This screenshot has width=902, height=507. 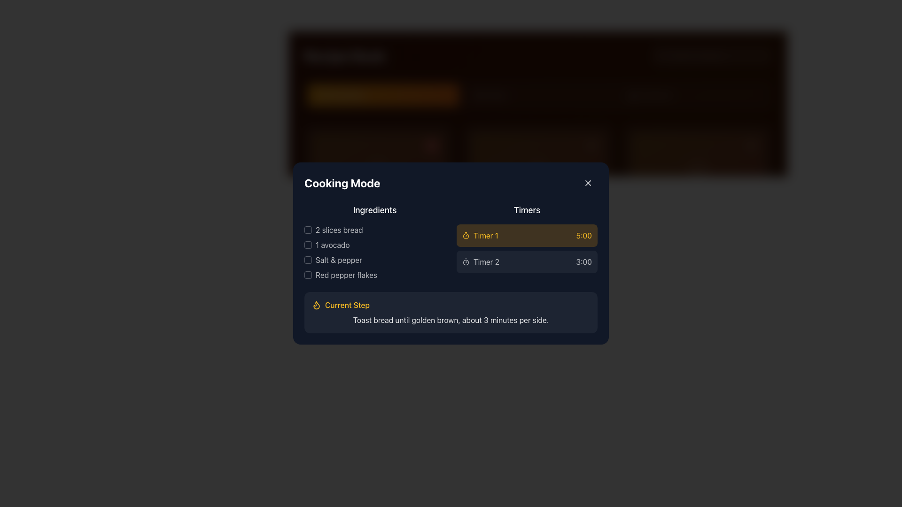 I want to click on the 'Timer 2' list item in the timer interface, so click(x=527, y=262).